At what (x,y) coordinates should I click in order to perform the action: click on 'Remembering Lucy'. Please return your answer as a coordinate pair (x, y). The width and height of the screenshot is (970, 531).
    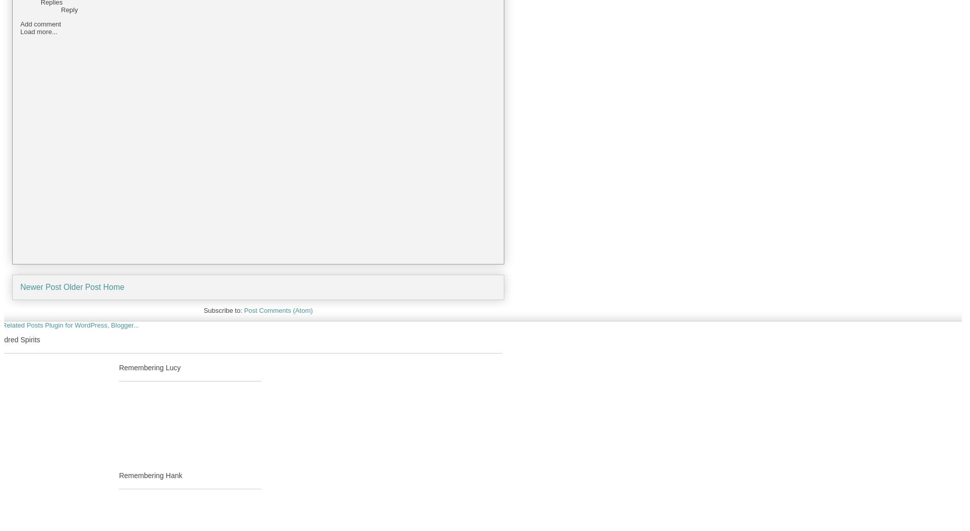
    Looking at the image, I should click on (149, 367).